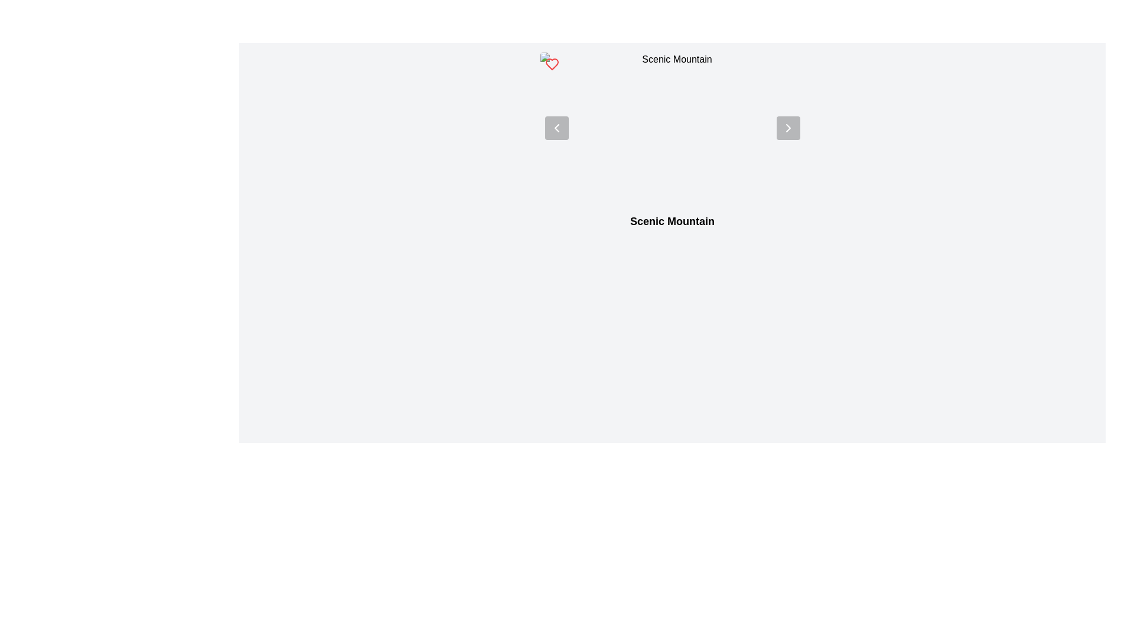 The height and width of the screenshot is (638, 1134). I want to click on the leftward navigation button with a gray background and a white leftward arrow icon, so click(556, 128).